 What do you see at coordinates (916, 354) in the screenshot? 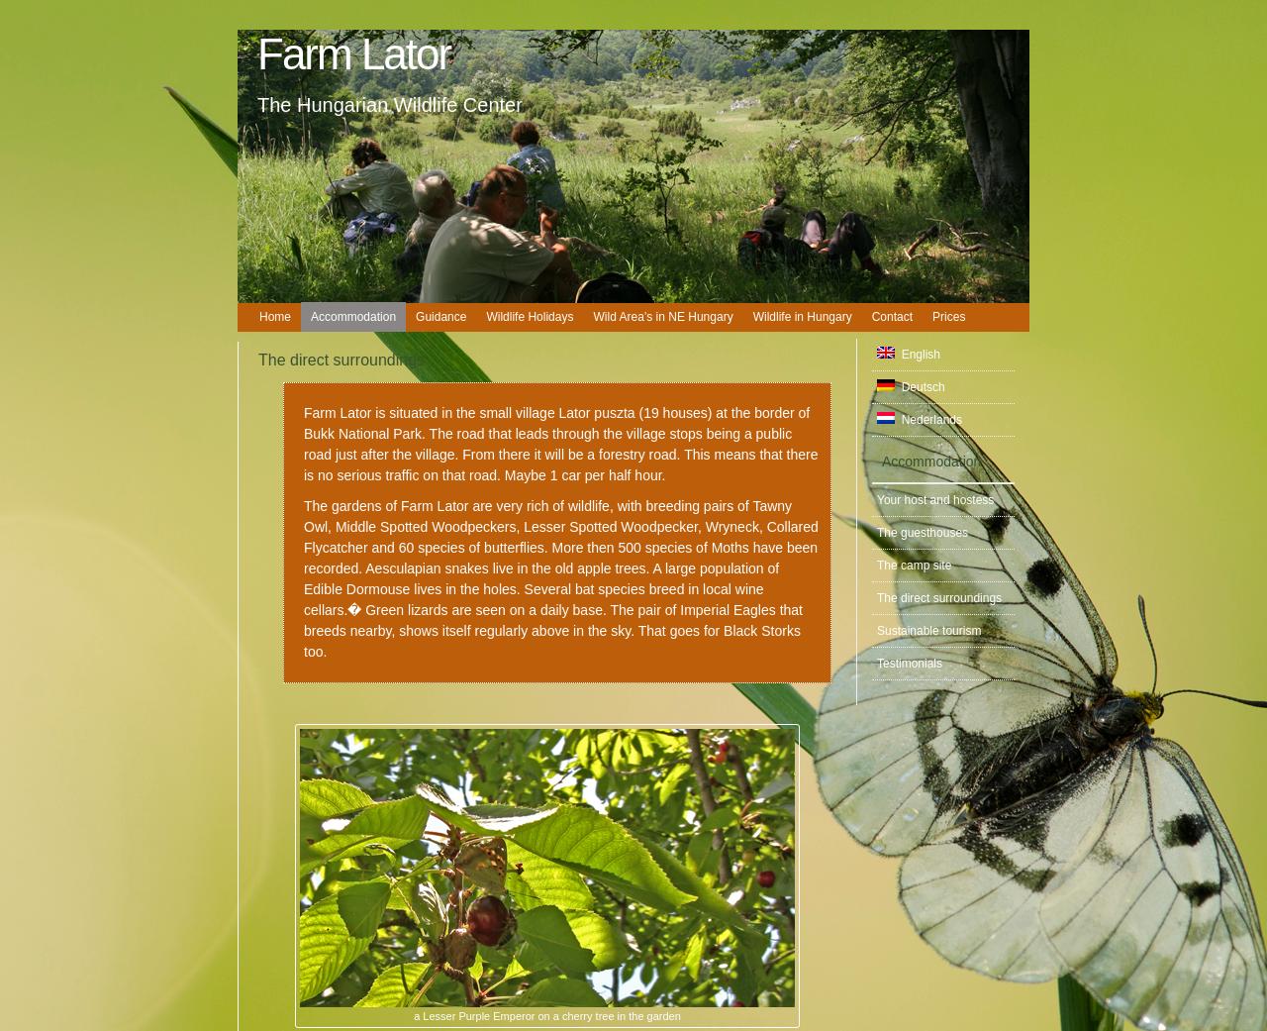
I see `'English'` at bounding box center [916, 354].